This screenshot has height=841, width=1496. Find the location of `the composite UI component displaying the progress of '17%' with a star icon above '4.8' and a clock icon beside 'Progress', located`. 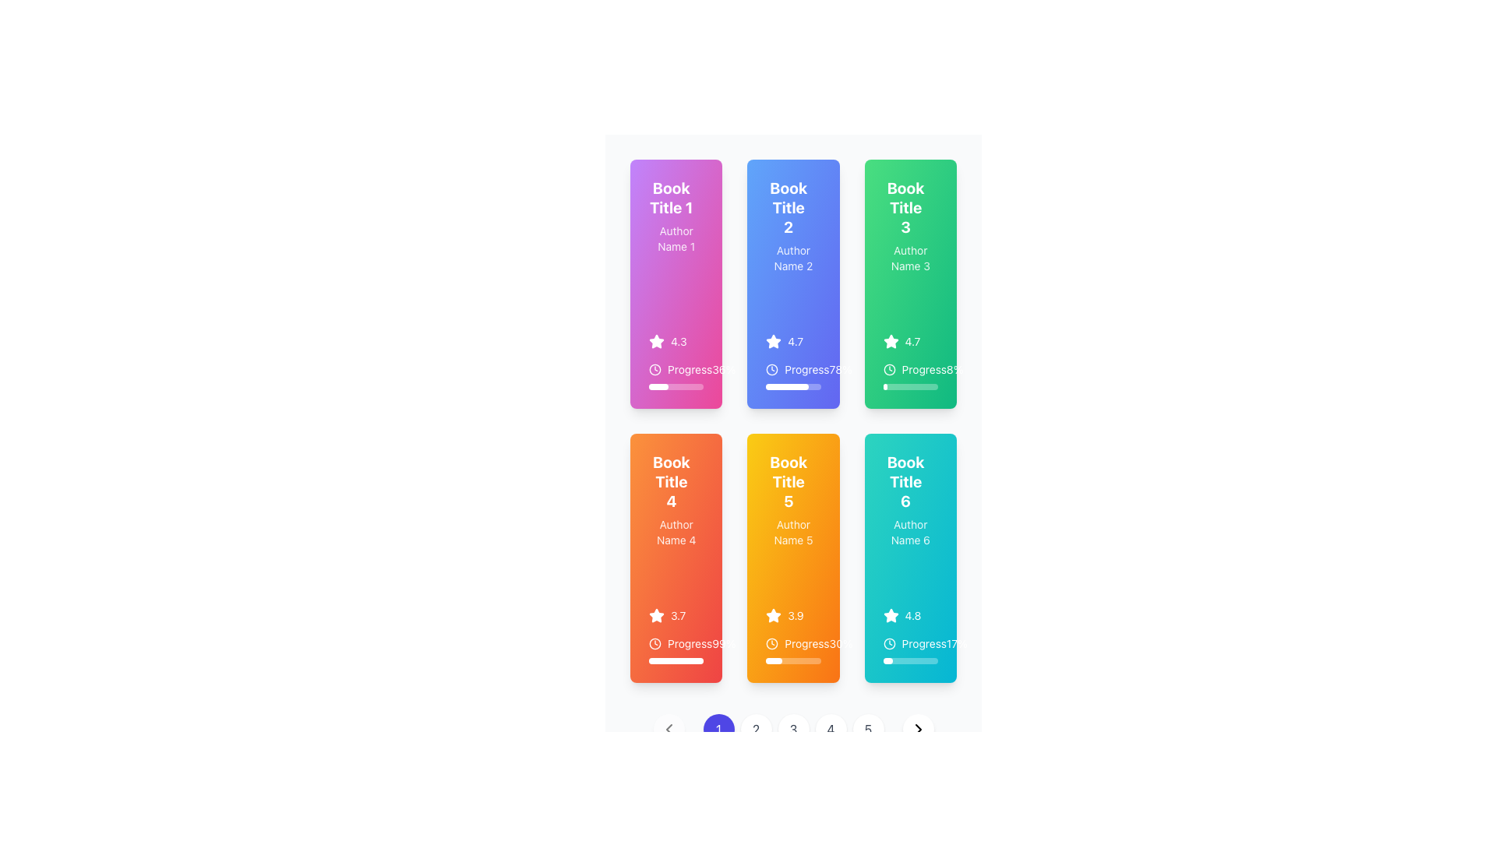

the composite UI component displaying the progress of '17%' with a star icon above '4.8' and a clock icon beside 'Progress', located is located at coordinates (910, 636).